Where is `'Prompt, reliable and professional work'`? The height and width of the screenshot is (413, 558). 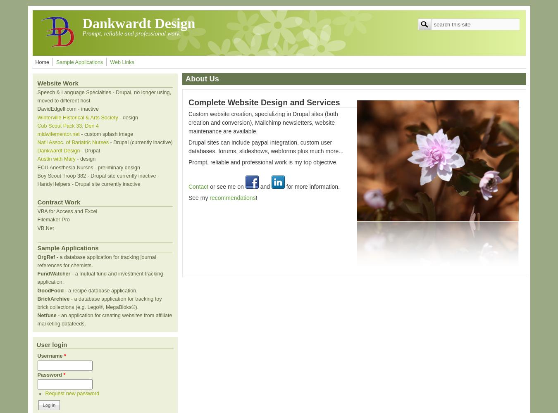 'Prompt, reliable and professional work' is located at coordinates (130, 33).